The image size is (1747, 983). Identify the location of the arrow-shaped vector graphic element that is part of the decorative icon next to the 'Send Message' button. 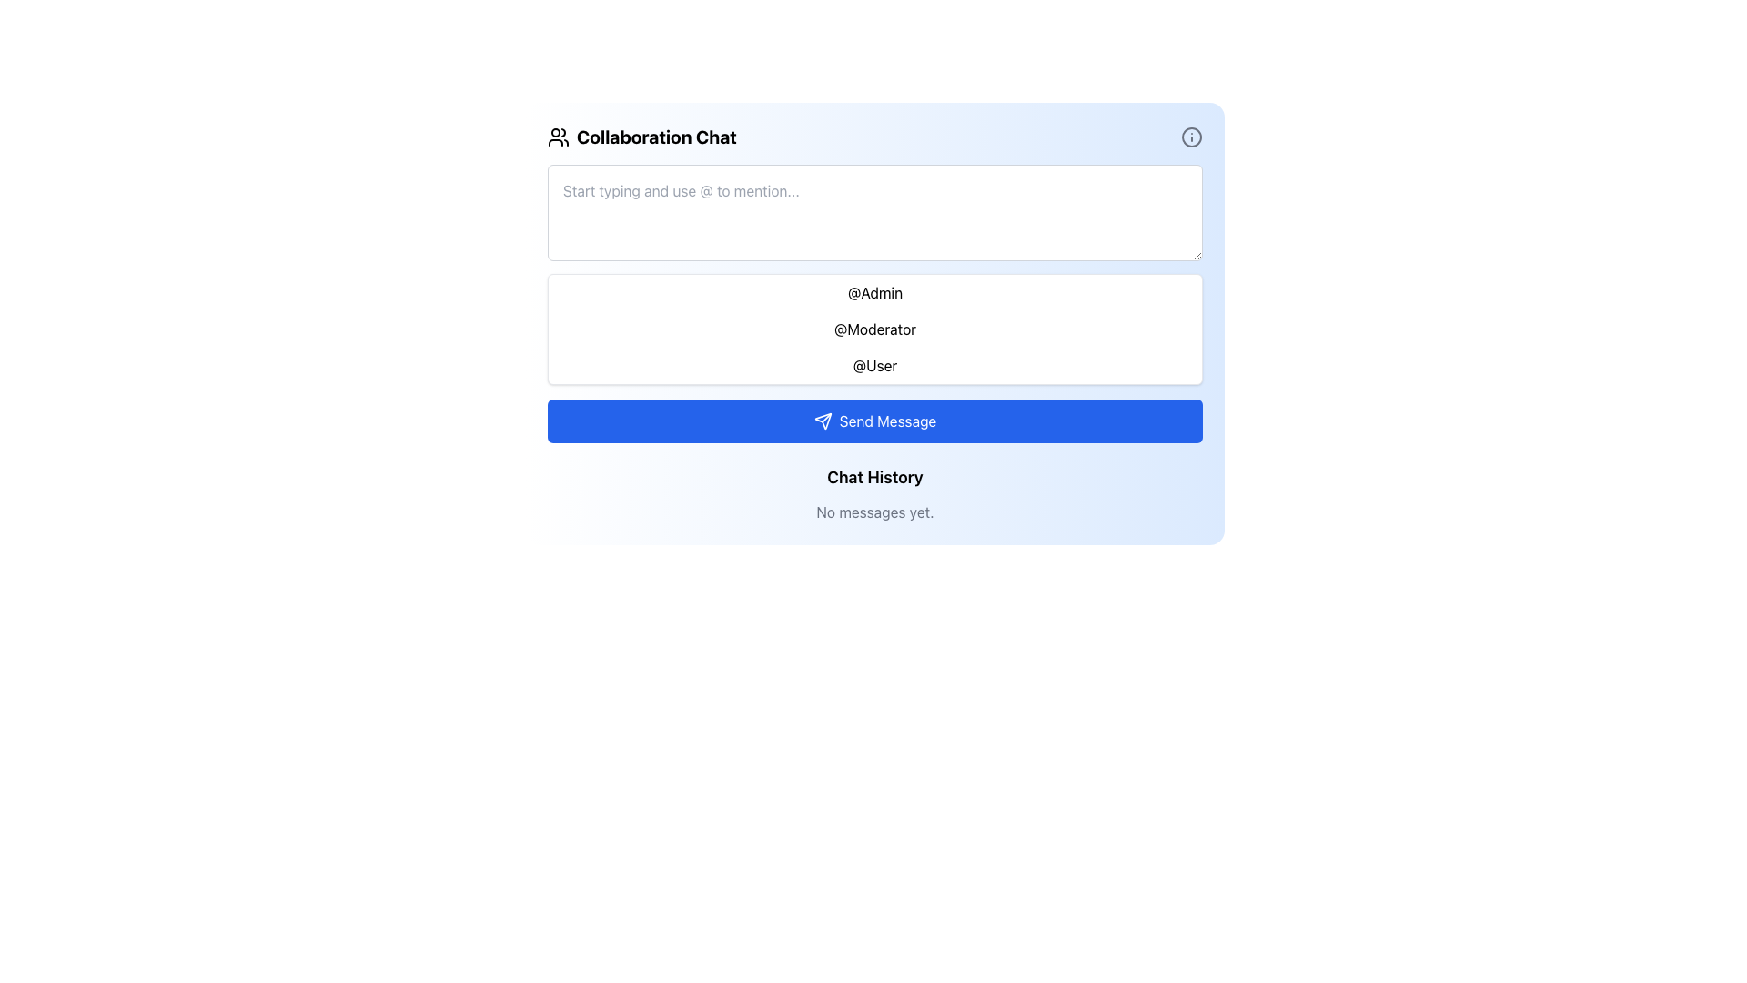
(822, 421).